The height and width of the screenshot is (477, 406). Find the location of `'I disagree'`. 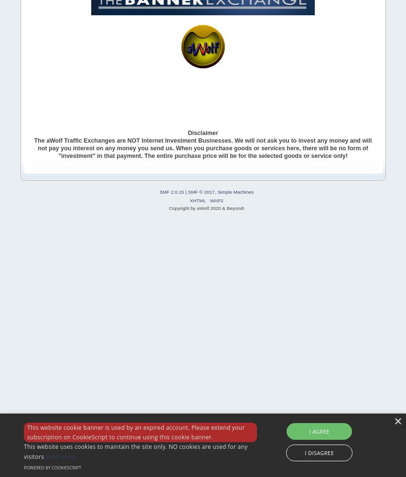

'I disagree' is located at coordinates (305, 452).